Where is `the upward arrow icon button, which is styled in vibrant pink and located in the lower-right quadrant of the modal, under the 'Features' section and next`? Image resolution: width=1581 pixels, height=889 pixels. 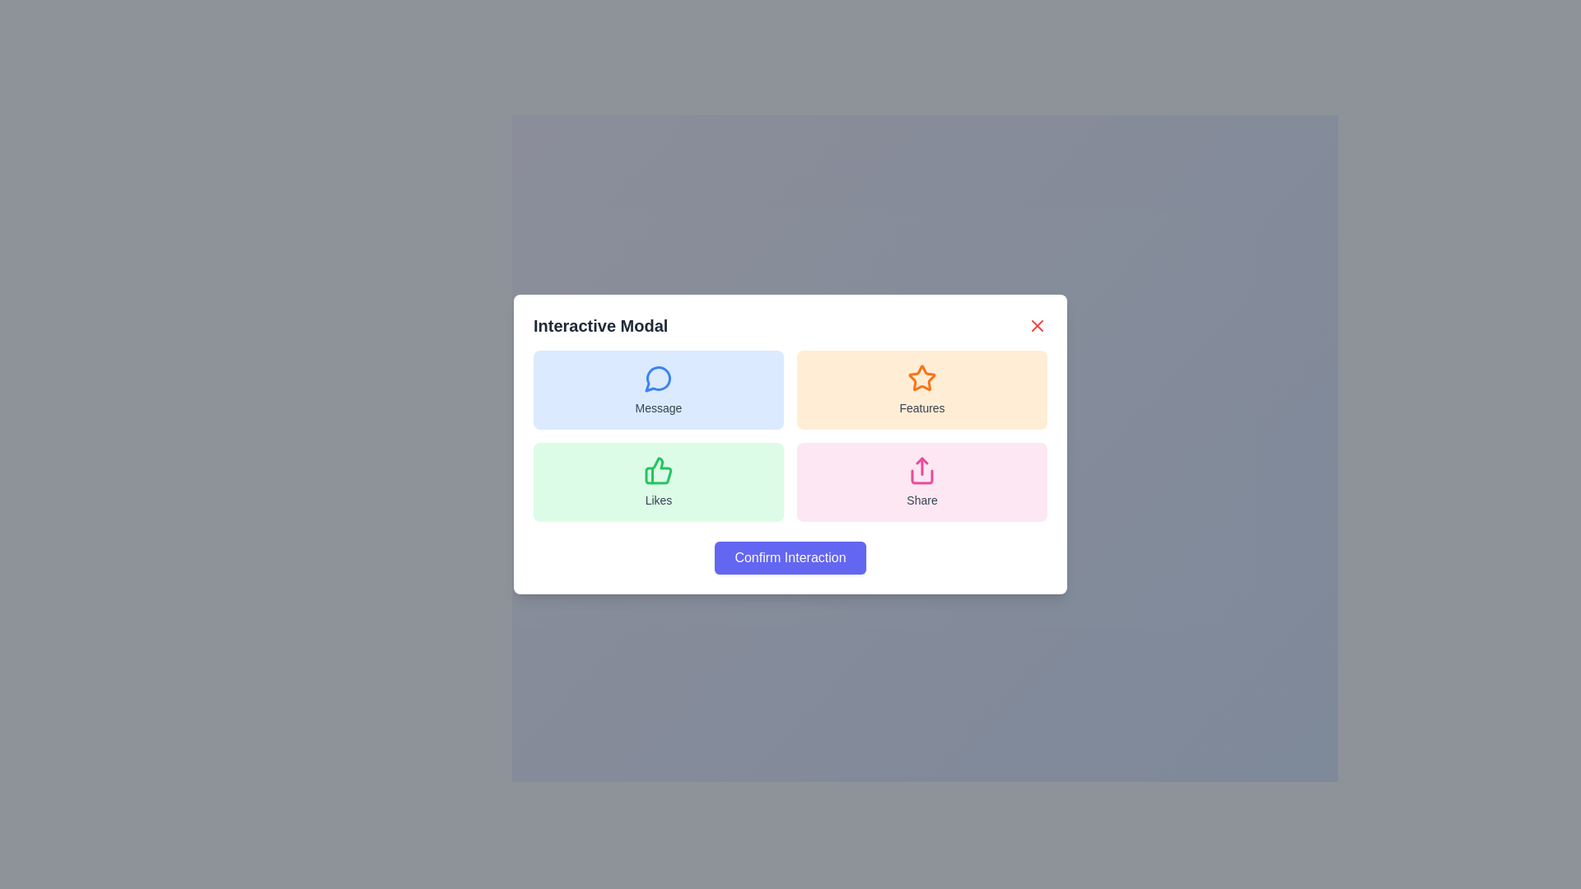
the upward arrow icon button, which is styled in vibrant pink and located in the lower-right quadrant of the modal, under the 'Features' section and next is located at coordinates (921, 470).